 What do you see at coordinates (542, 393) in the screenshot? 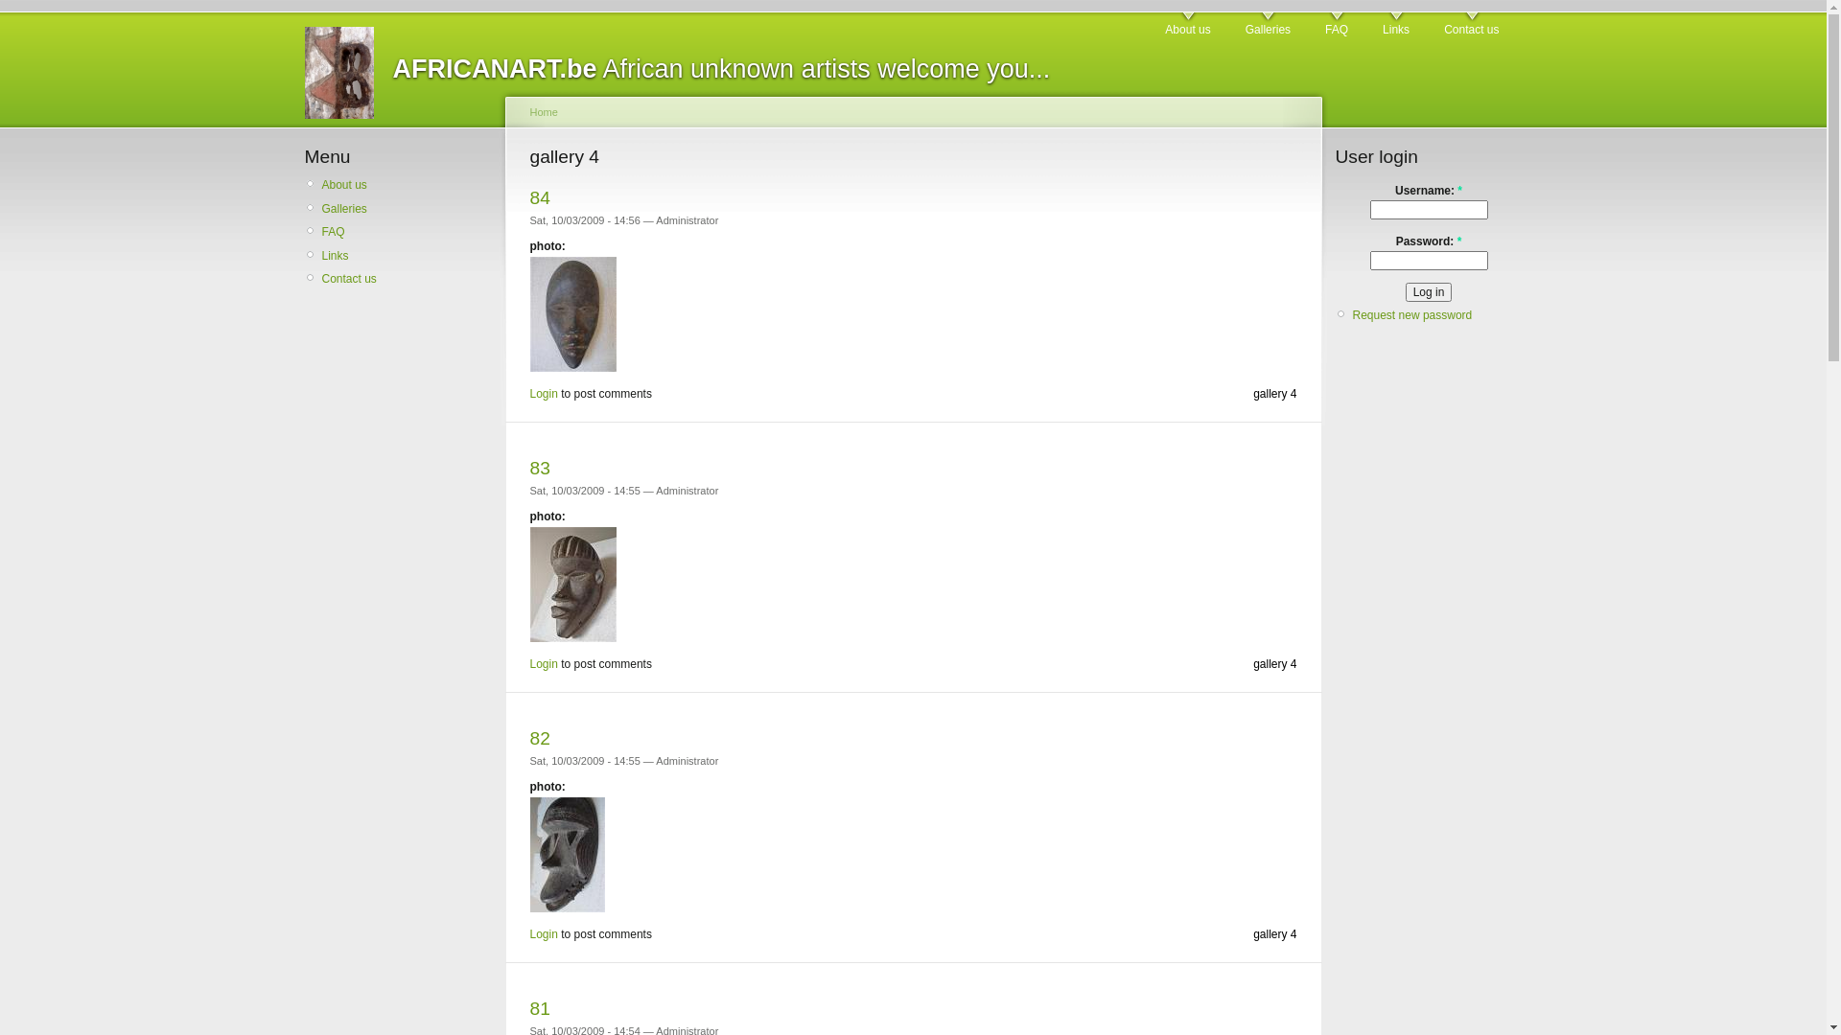
I see `'Login'` at bounding box center [542, 393].